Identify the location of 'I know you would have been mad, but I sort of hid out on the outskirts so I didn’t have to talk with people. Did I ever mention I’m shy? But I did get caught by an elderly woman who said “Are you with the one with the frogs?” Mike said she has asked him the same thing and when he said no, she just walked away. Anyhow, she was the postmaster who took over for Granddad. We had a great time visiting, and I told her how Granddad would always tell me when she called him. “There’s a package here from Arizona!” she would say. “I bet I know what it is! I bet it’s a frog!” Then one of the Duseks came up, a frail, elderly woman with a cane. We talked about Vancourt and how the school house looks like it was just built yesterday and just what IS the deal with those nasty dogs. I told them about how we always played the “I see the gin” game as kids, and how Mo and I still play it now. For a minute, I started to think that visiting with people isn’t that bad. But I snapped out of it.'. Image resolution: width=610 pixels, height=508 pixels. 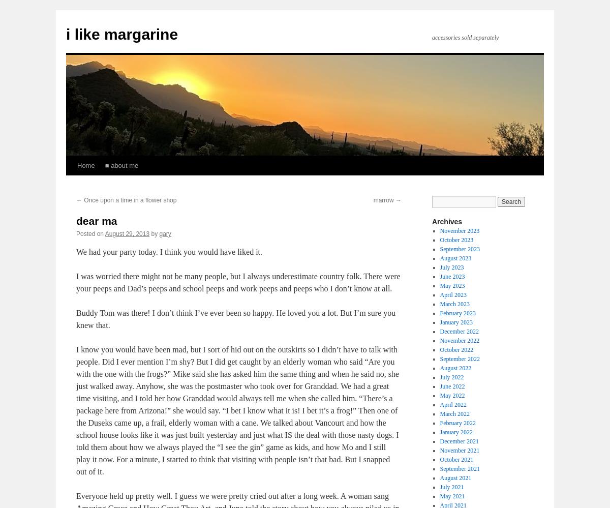
(237, 410).